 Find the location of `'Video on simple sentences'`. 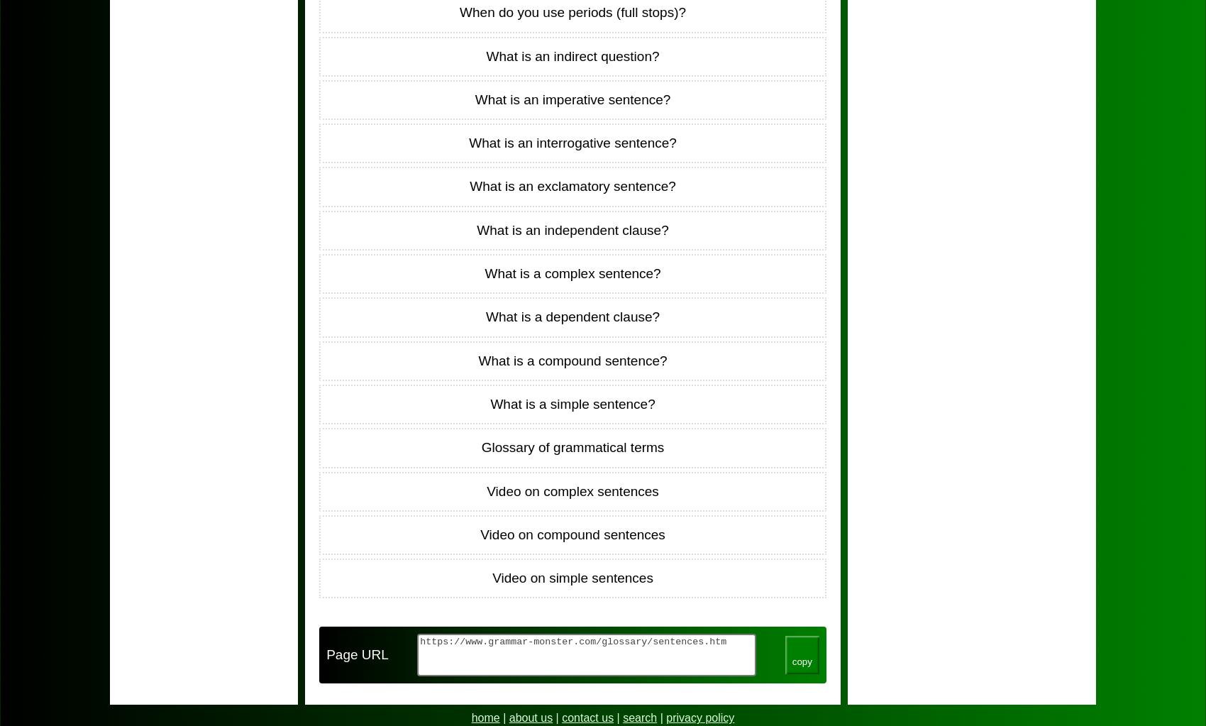

'Video on simple sentences' is located at coordinates (571, 578).